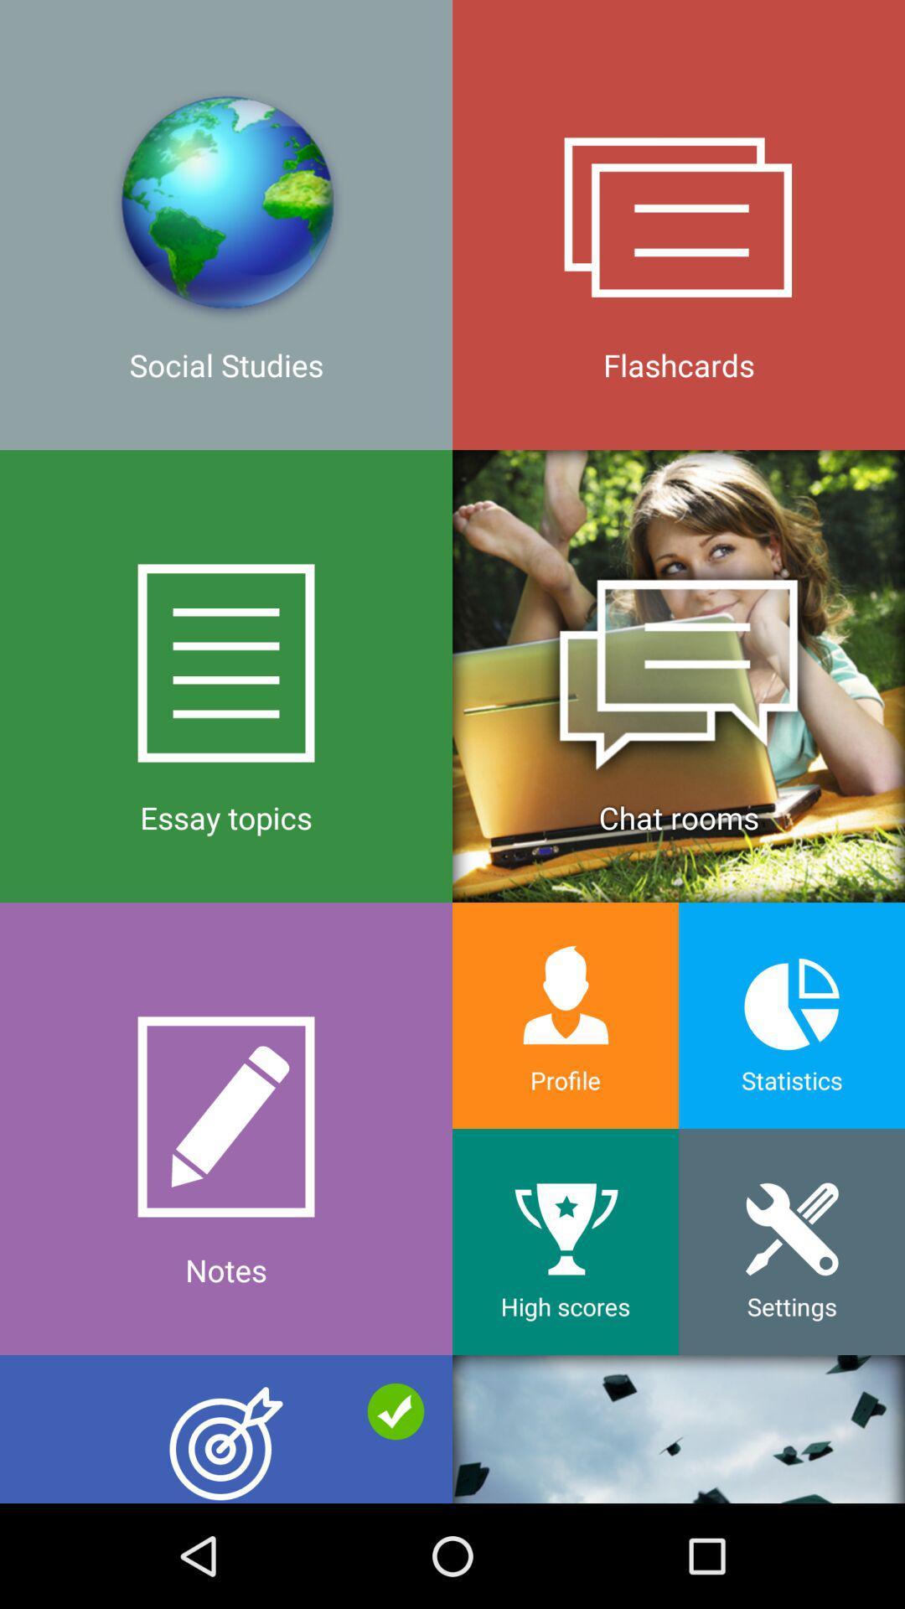 The height and width of the screenshot is (1609, 905). Describe the element at coordinates (566, 1242) in the screenshot. I see `the icon below the profile item` at that location.